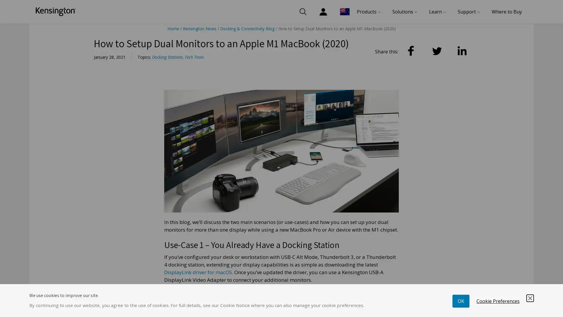 The height and width of the screenshot is (317, 563). I want to click on Twitter, so click(436, 50).